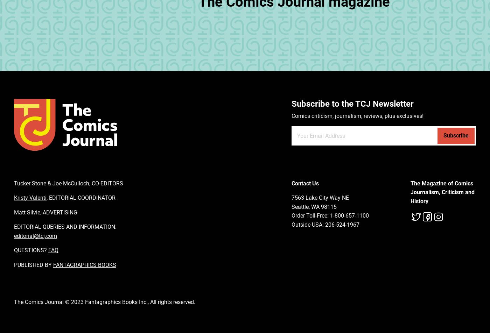  Describe the element at coordinates (30, 198) in the screenshot. I see `'Kristy Valenti'` at that location.